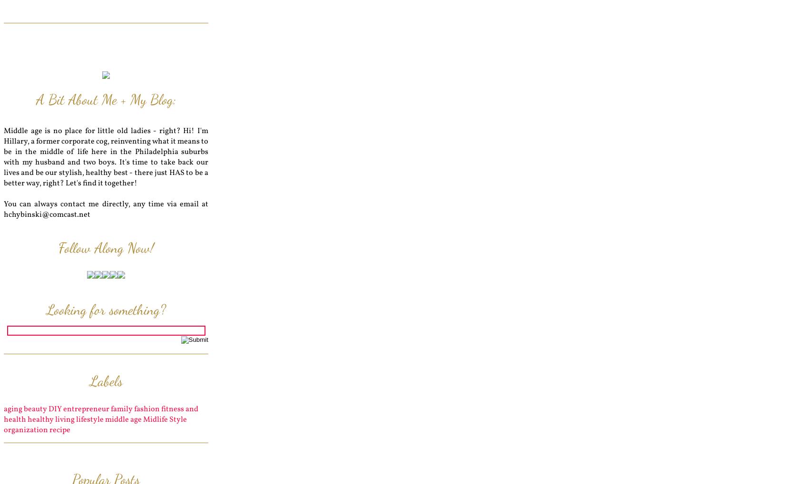 This screenshot has width=800, height=484. Describe the element at coordinates (146, 409) in the screenshot. I see `'fashion'` at that location.